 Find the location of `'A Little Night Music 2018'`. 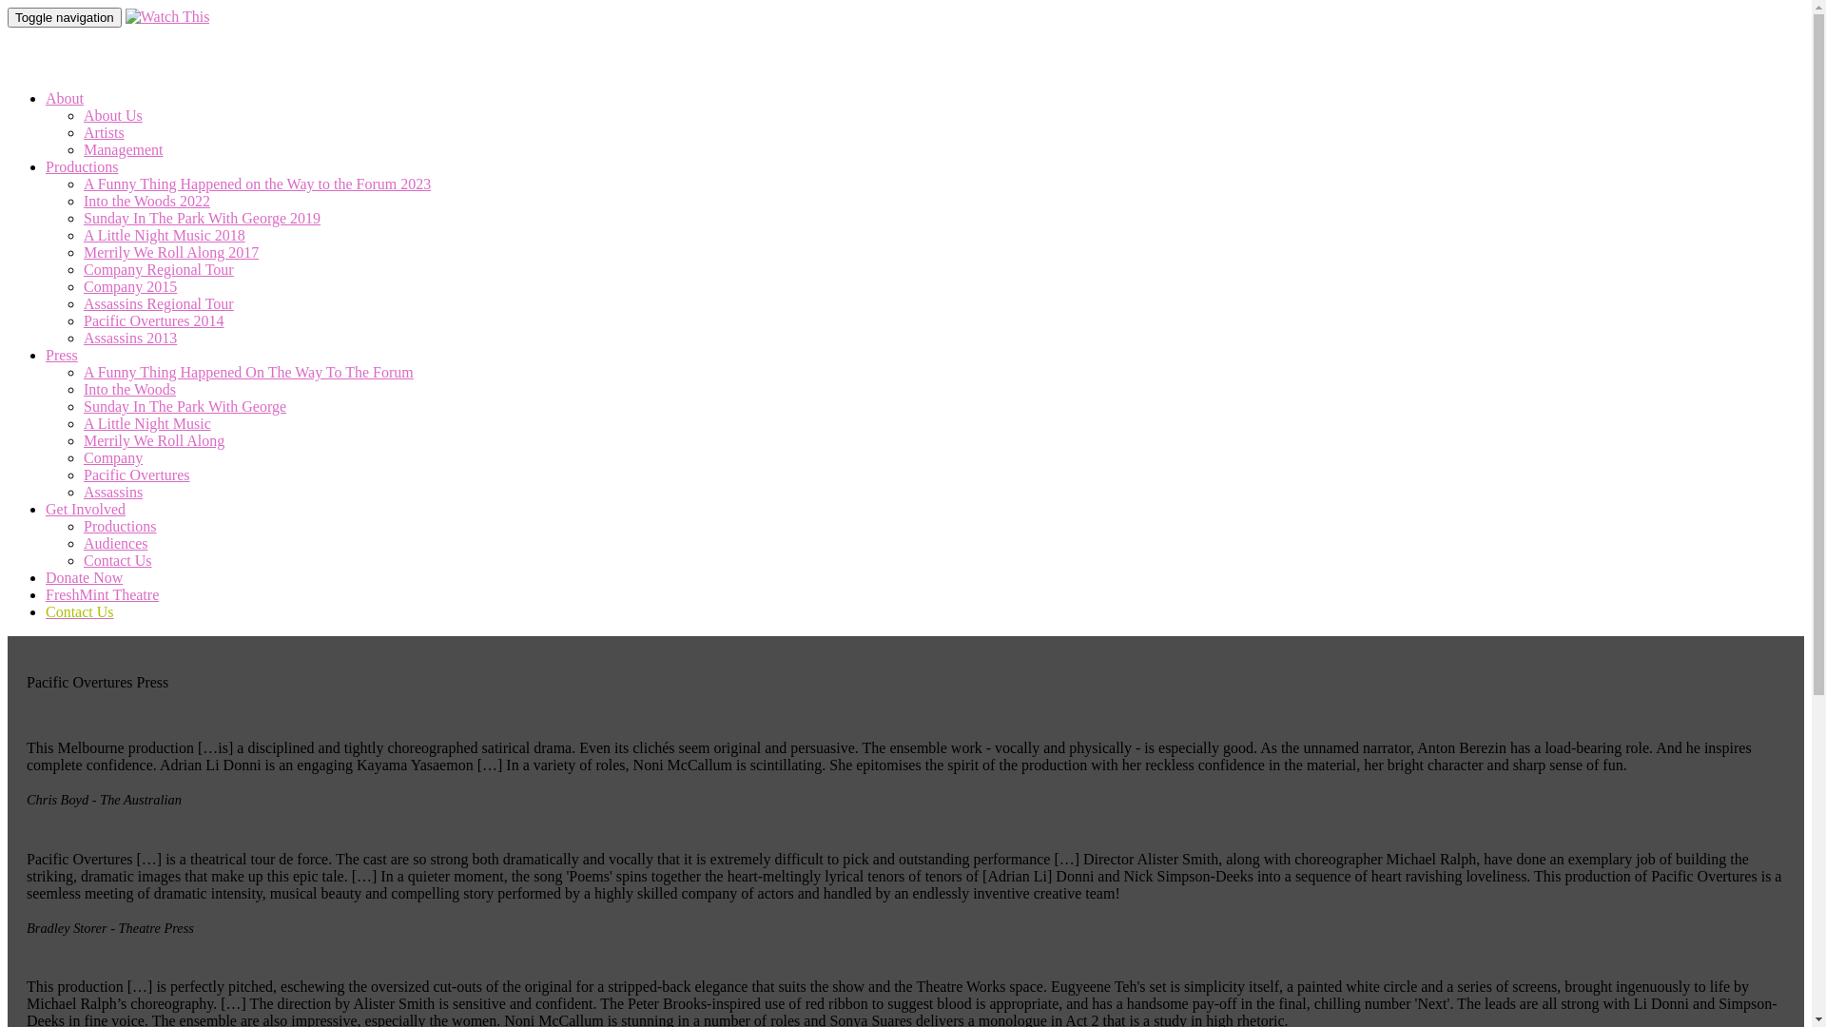

'A Little Night Music 2018' is located at coordinates (164, 234).